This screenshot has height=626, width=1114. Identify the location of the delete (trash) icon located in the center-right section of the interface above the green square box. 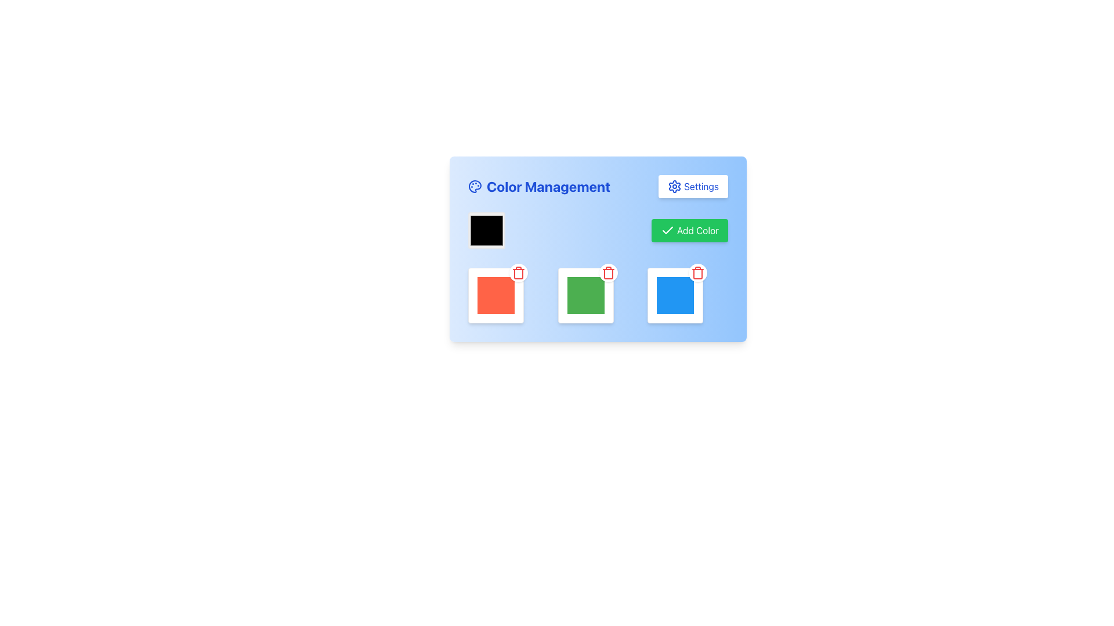
(607, 272).